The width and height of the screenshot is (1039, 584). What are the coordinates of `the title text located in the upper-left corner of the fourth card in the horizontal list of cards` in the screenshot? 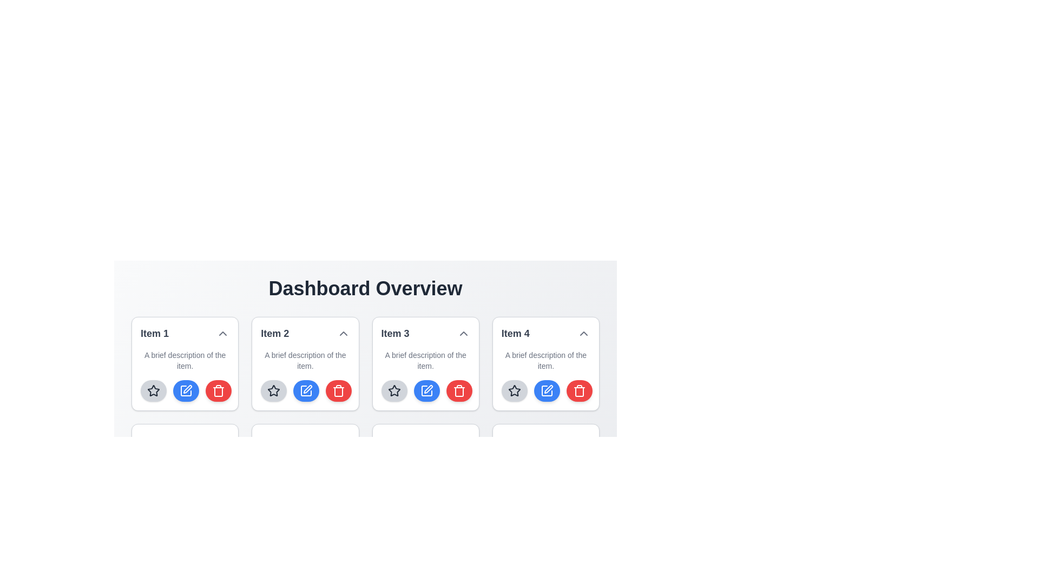 It's located at (515, 333).